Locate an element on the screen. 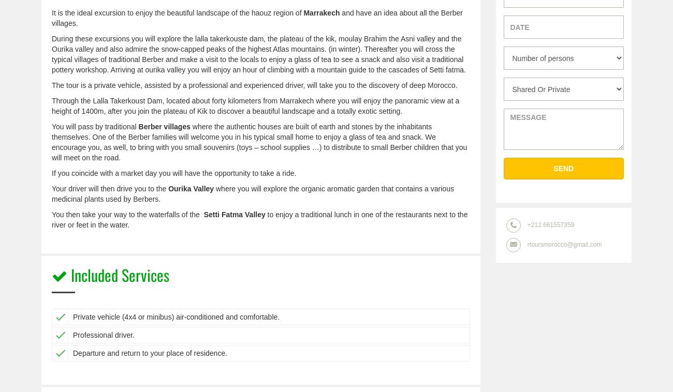 This screenshot has width=673, height=392. 'Your driver will then drive you to the' is located at coordinates (110, 188).